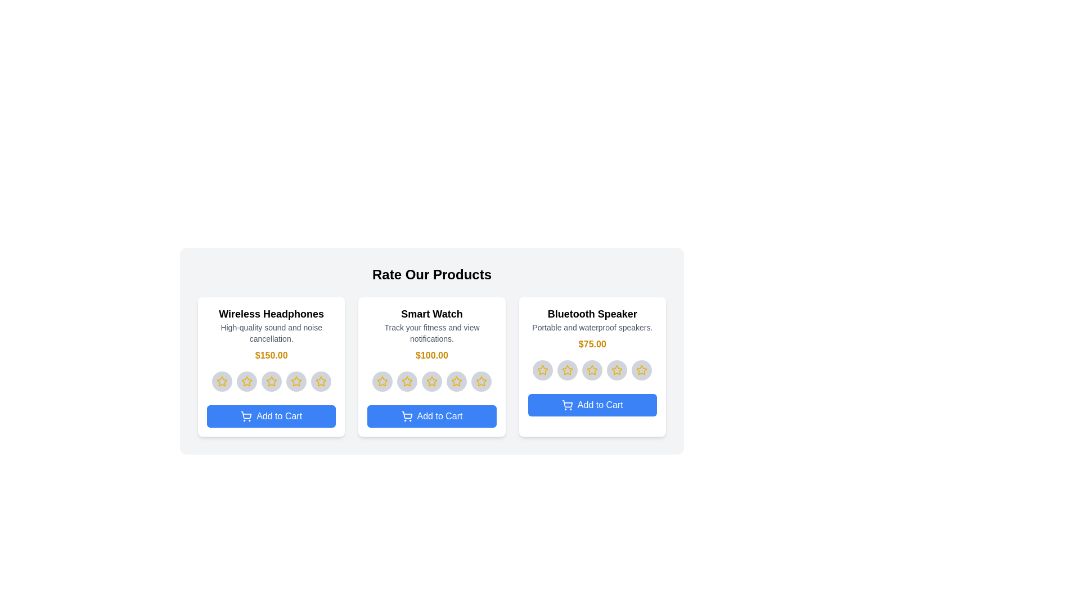 The height and width of the screenshot is (607, 1080). I want to click on the star corresponding to 1 for the product 'Wireless Headphones', so click(222, 380).